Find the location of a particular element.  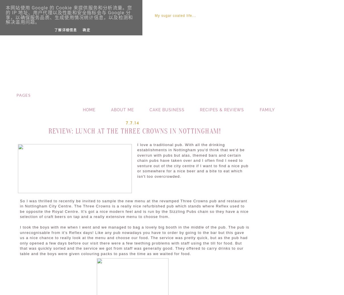

'Pages' is located at coordinates (23, 95).